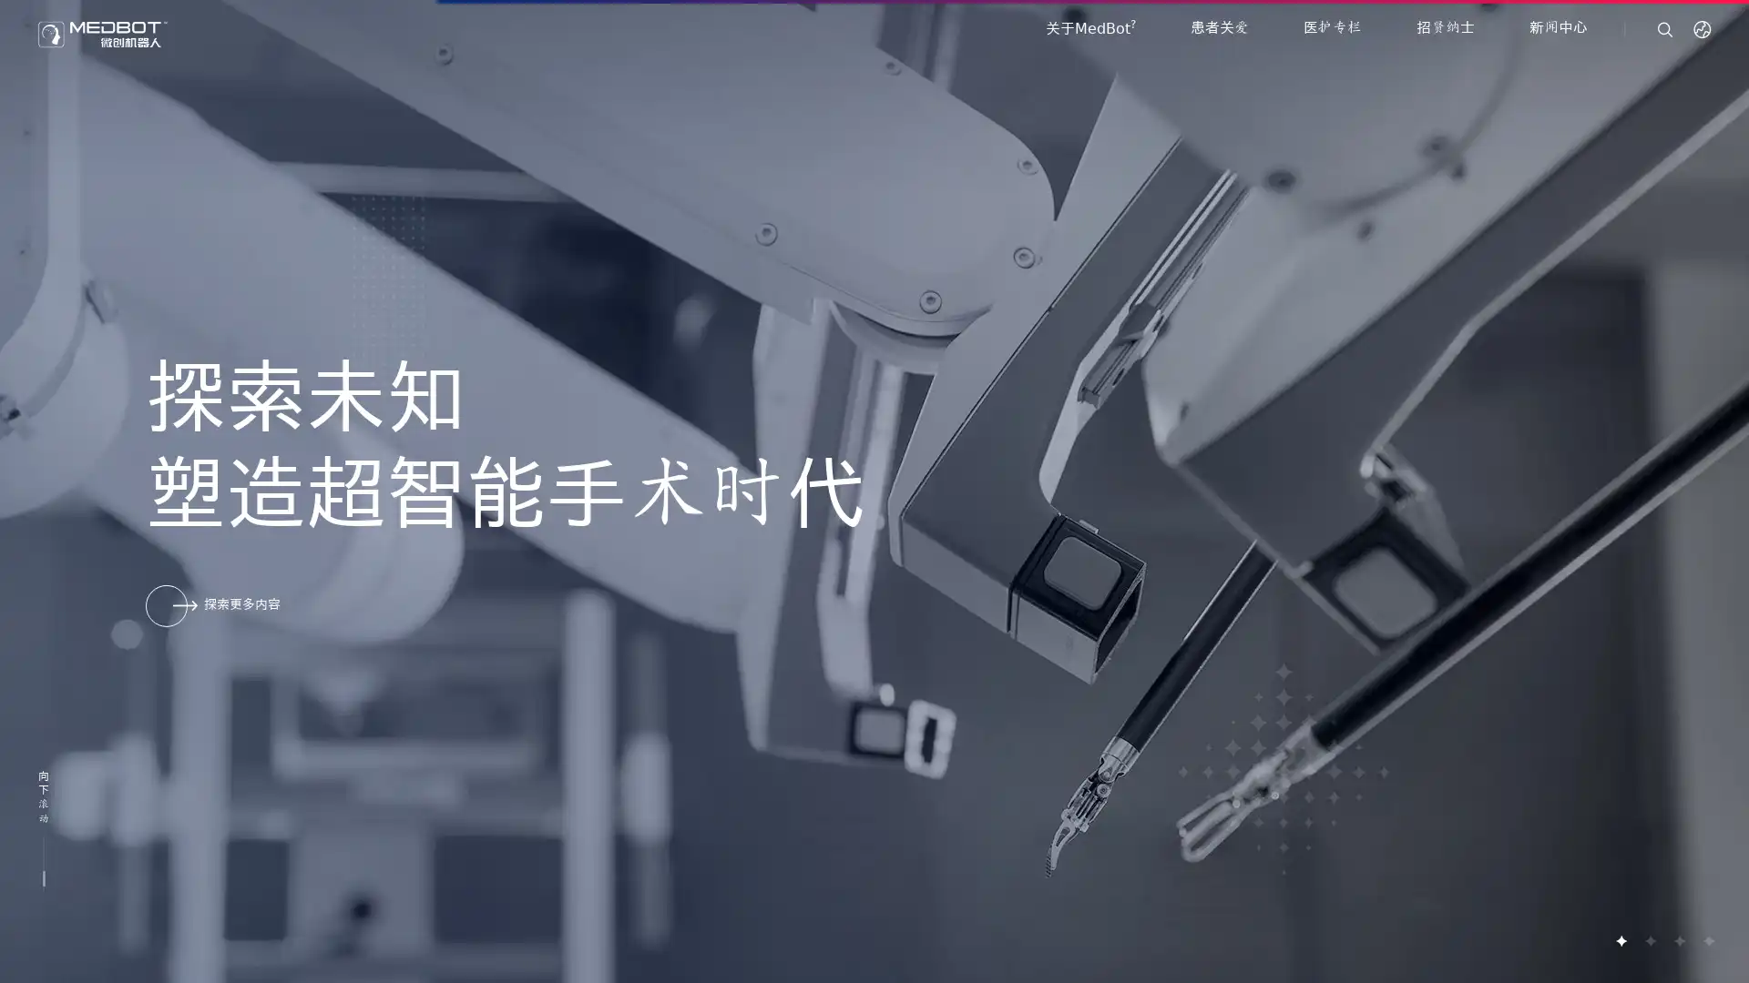  Describe the element at coordinates (1649, 940) in the screenshot. I see `Go to slide 2` at that location.